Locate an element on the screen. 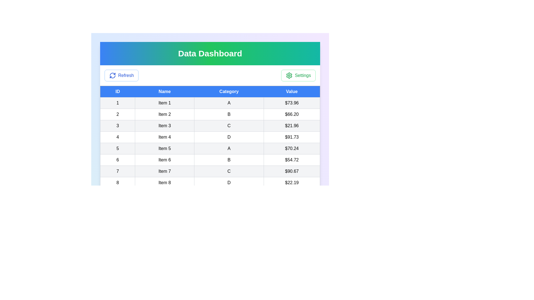 The width and height of the screenshot is (534, 300). 'Refresh' button to reload the data in the table is located at coordinates (121, 76).